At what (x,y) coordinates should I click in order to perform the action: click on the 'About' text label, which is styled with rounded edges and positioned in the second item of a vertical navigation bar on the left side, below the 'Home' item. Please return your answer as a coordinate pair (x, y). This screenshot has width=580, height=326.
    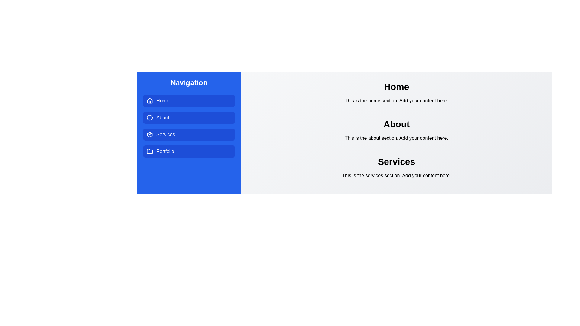
    Looking at the image, I should click on (163, 117).